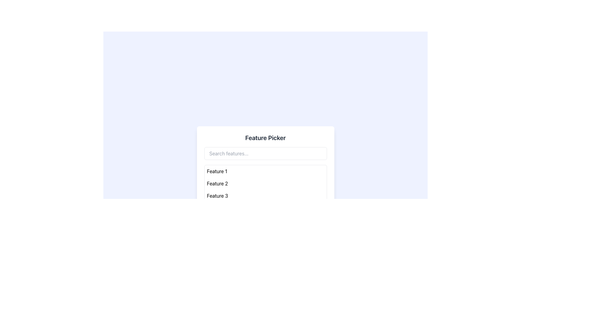 The image size is (589, 331). I want to click on the list item displaying 'Feature 1', so click(217, 171).